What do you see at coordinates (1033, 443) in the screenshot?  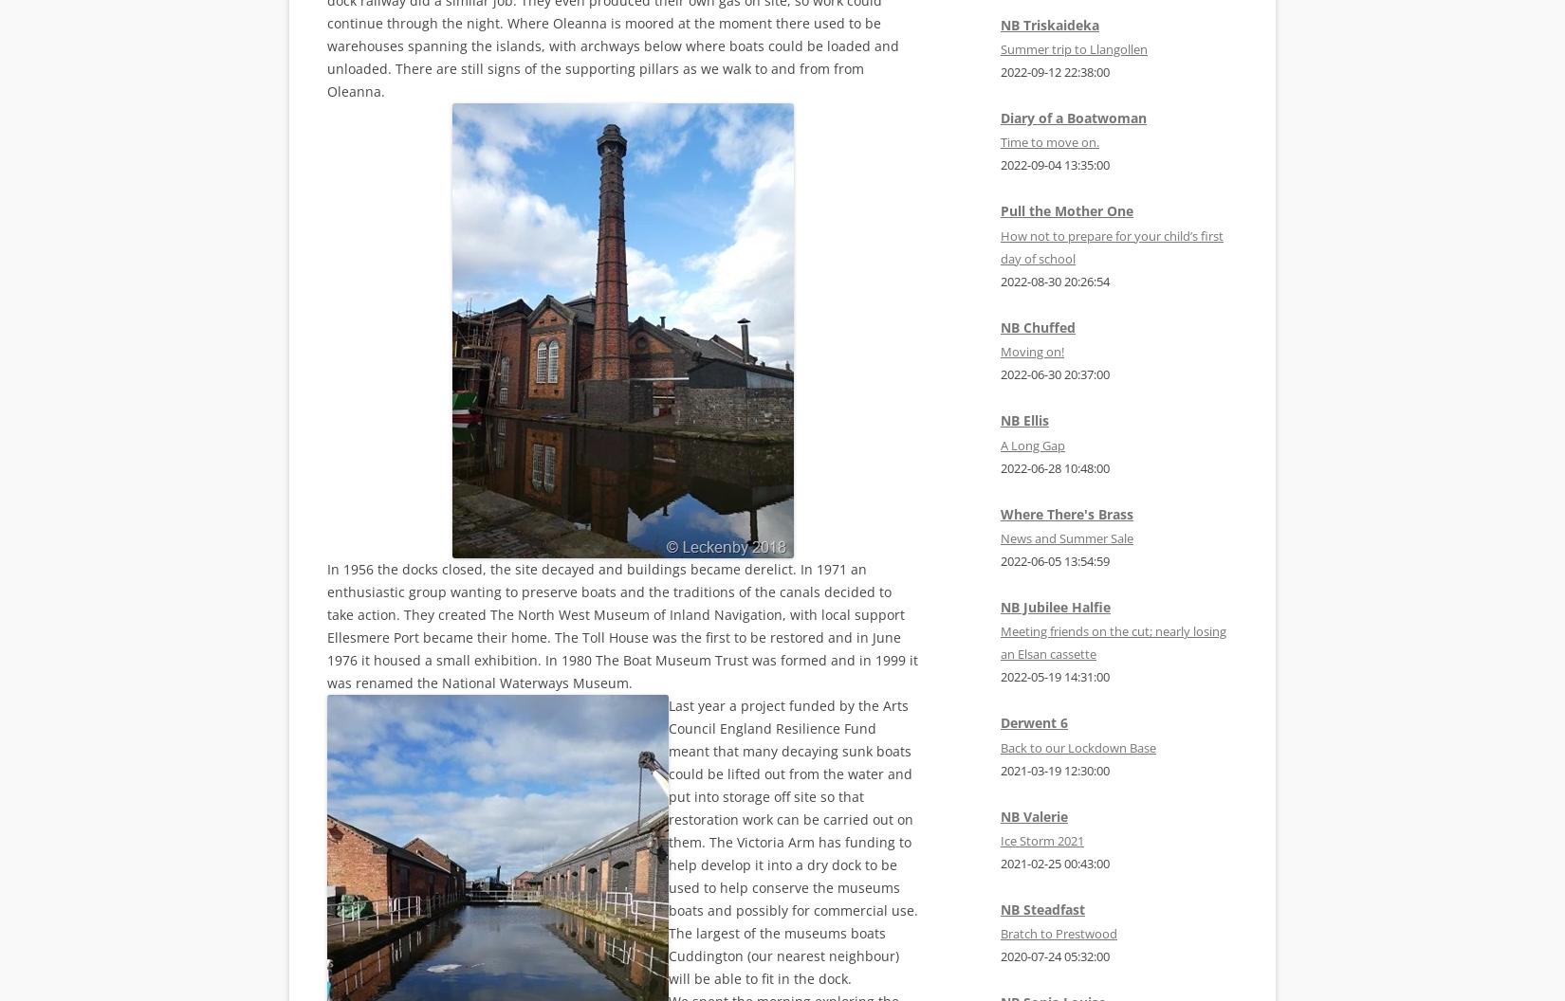 I see `'A Long Gap'` at bounding box center [1033, 443].